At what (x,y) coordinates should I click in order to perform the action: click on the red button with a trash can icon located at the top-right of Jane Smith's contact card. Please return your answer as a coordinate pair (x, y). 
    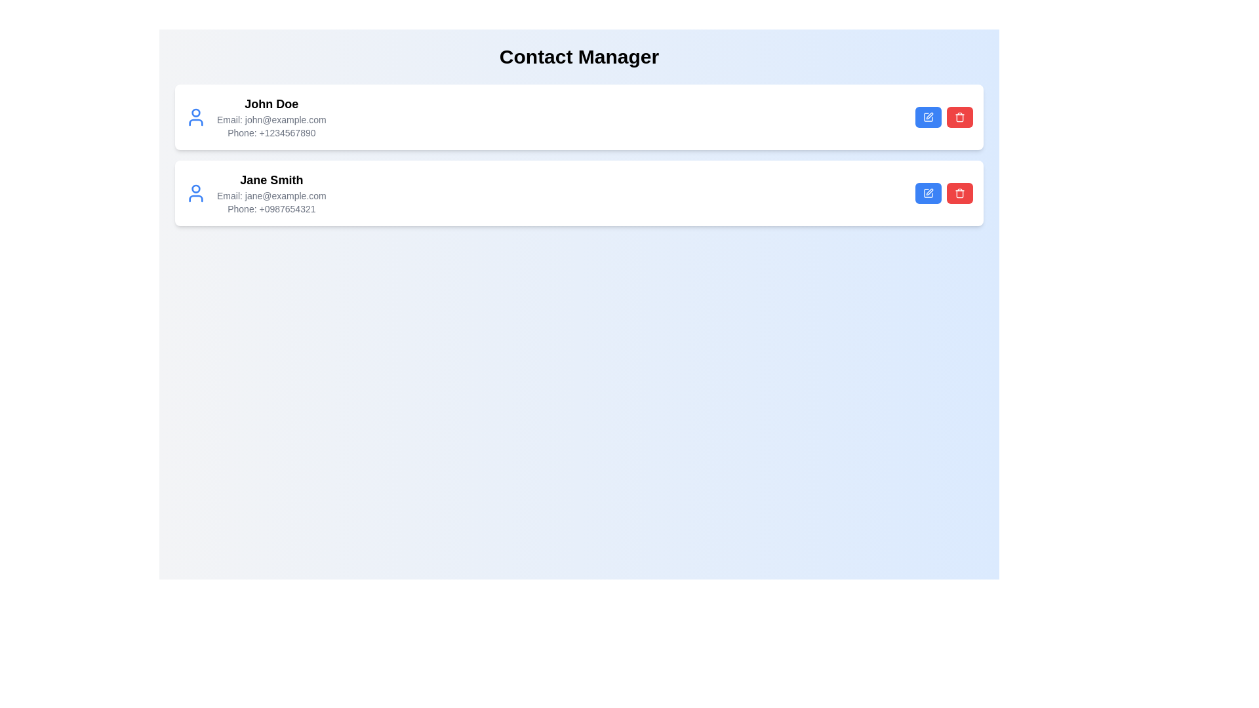
    Looking at the image, I should click on (960, 193).